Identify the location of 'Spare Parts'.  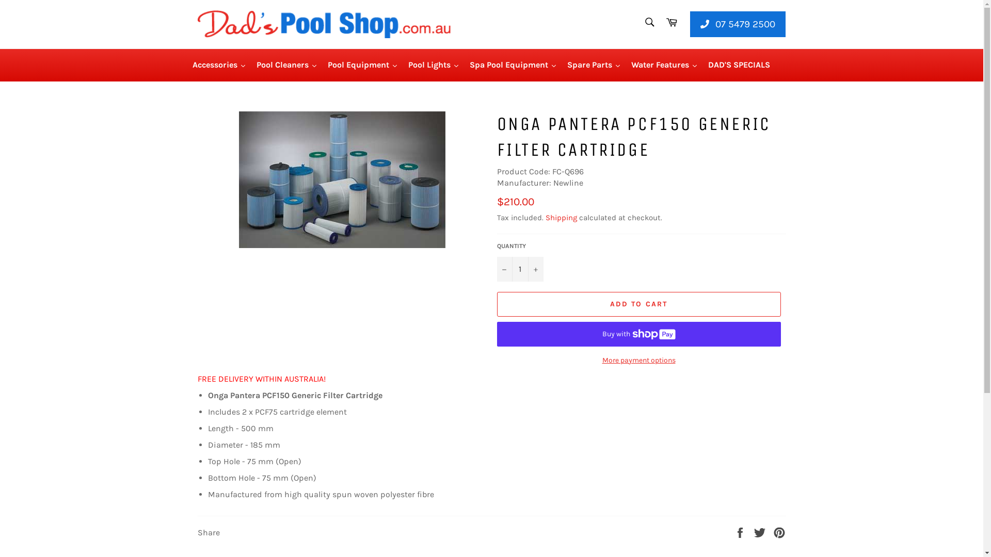
(594, 65).